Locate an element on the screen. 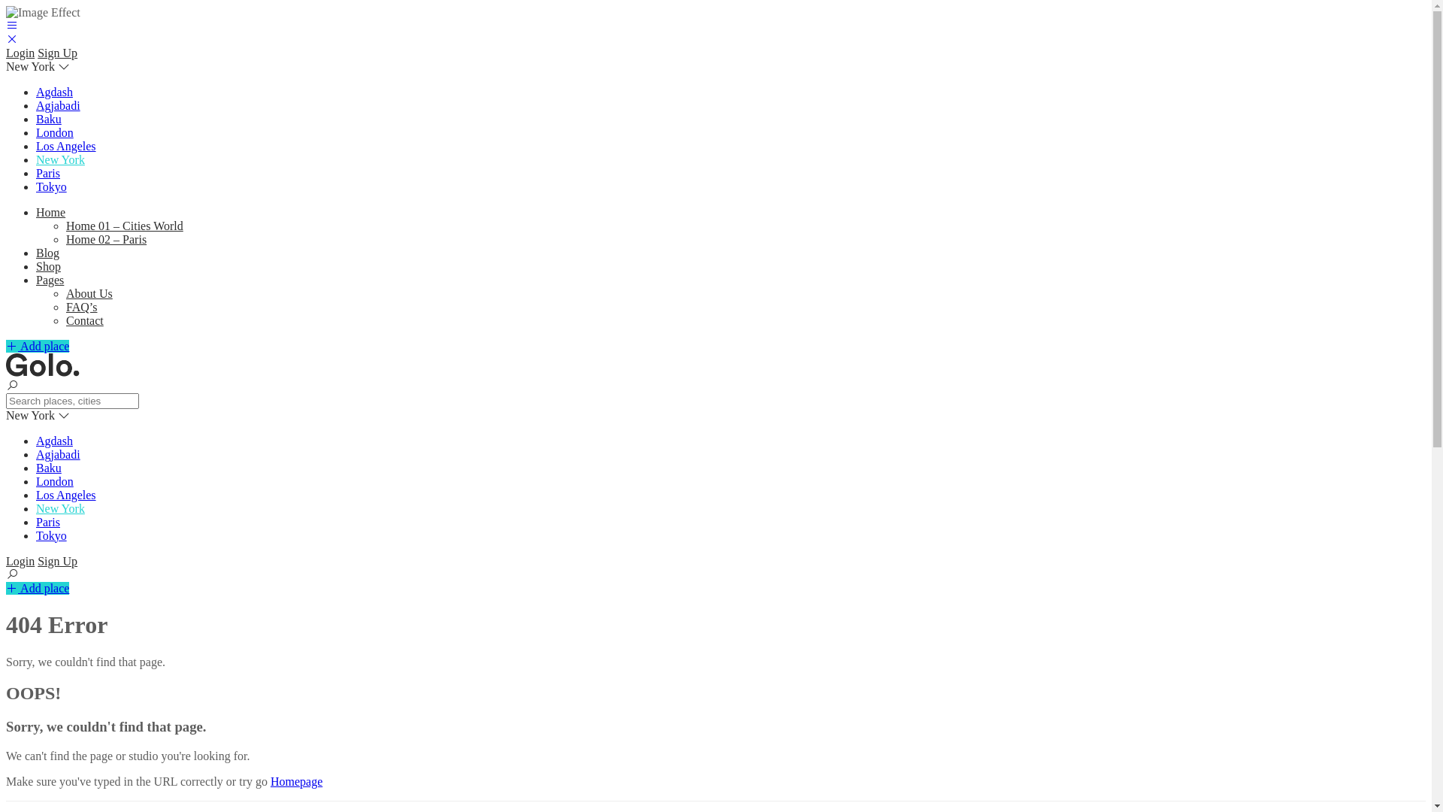  'Add place' is located at coordinates (37, 346).